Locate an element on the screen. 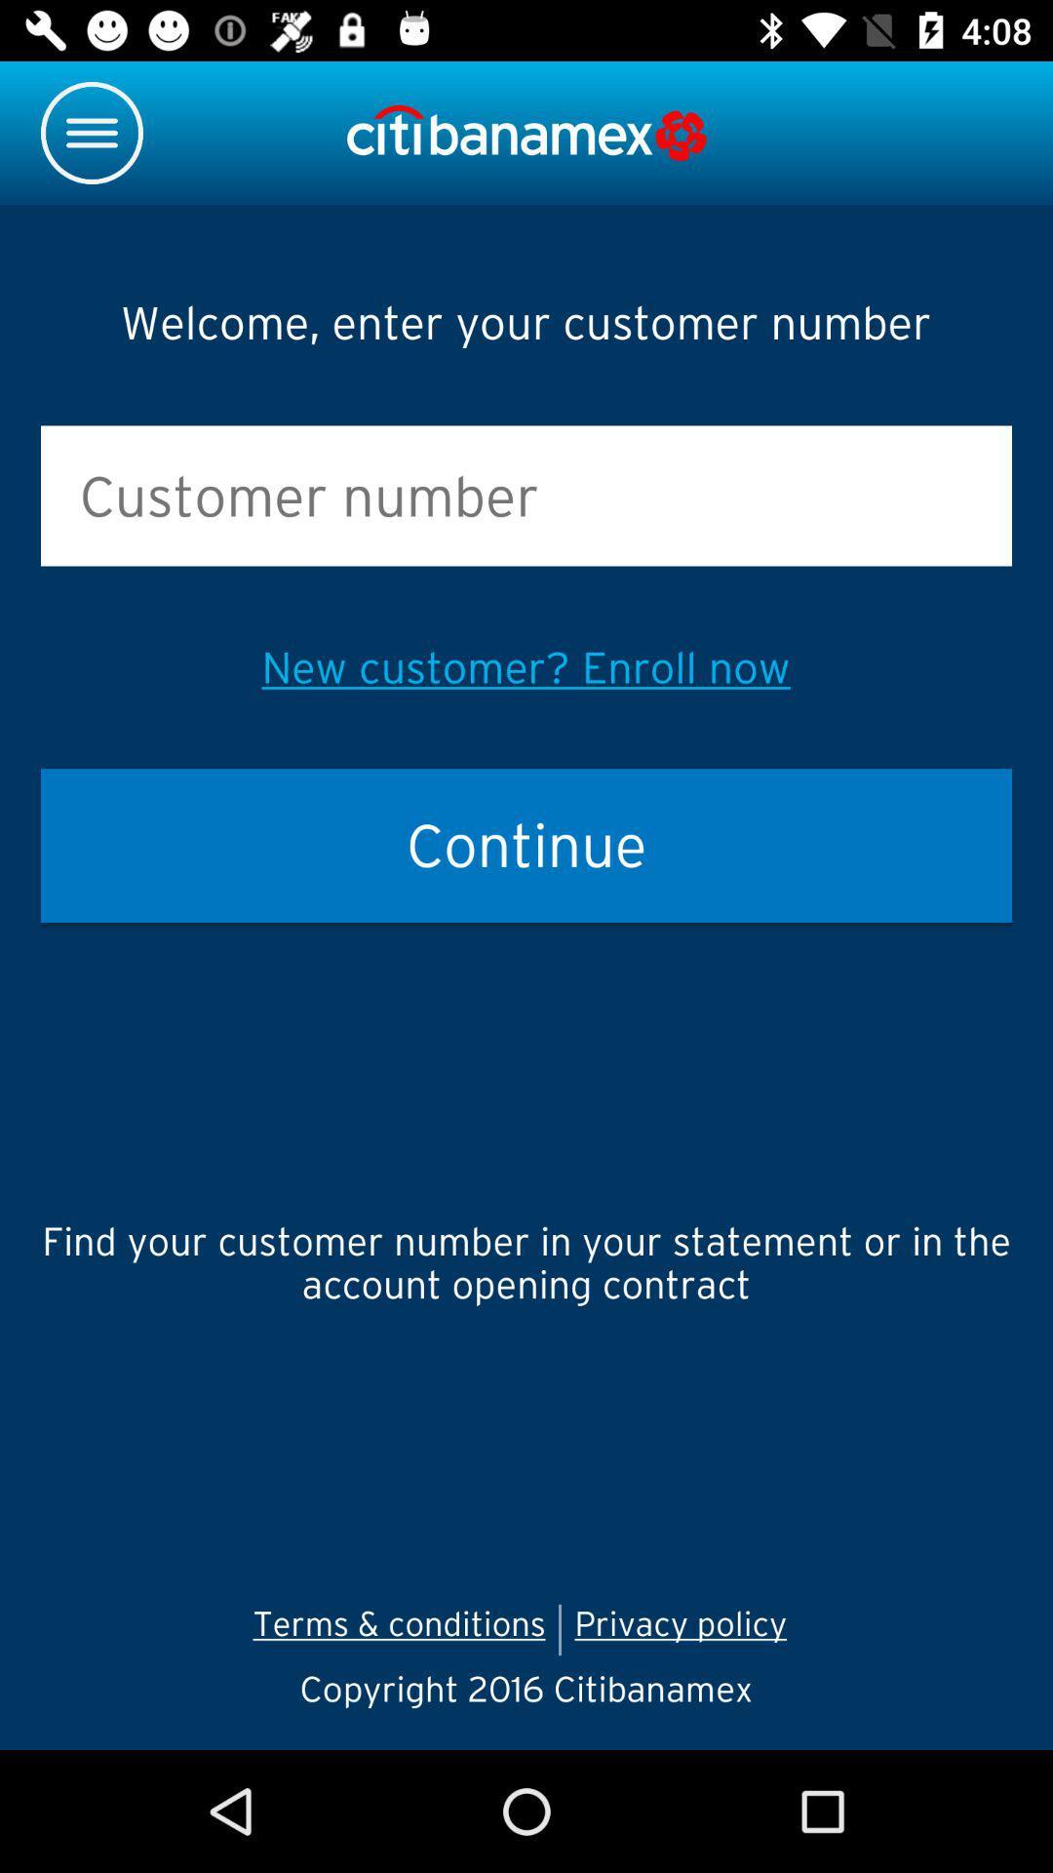 This screenshot has height=1873, width=1053. the terms & conditions icon is located at coordinates (398, 1629).